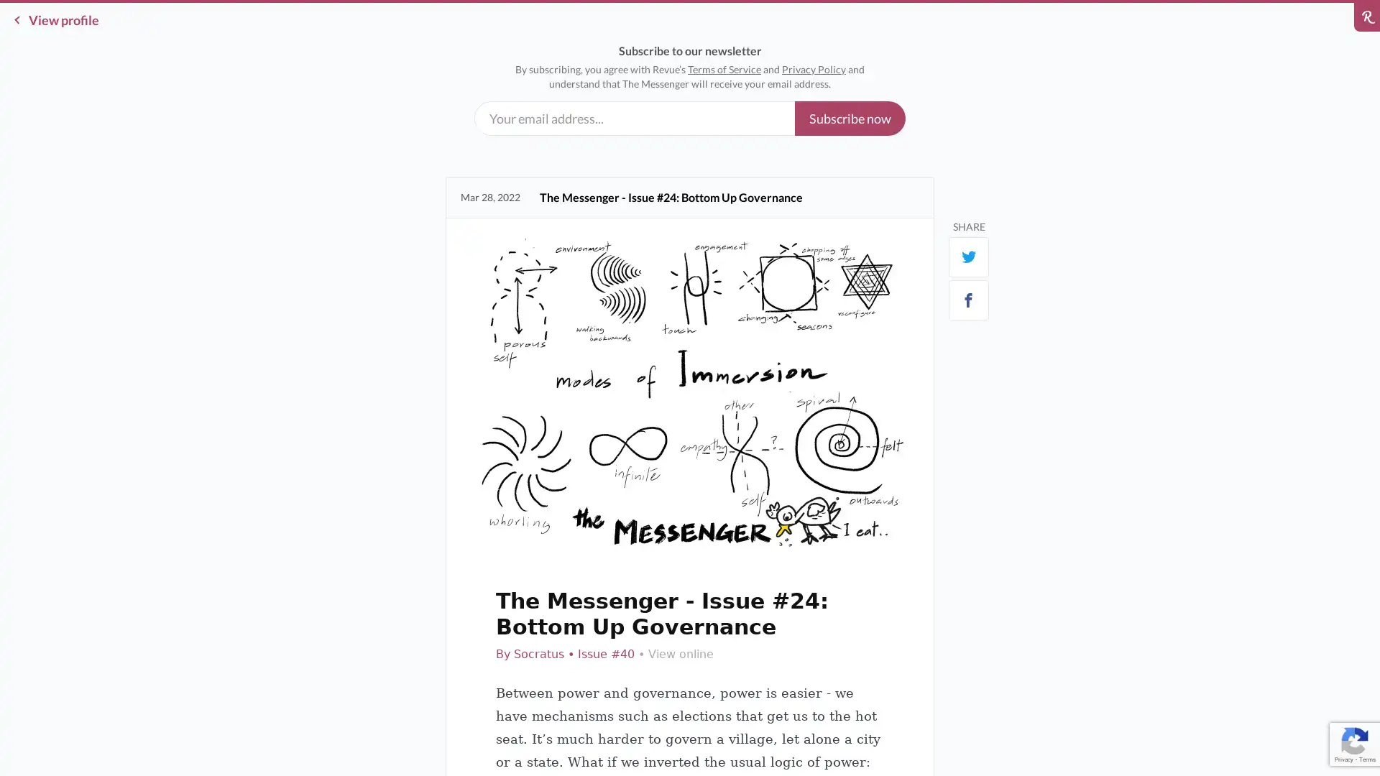 The image size is (1380, 776). Describe the element at coordinates (850, 118) in the screenshot. I see `Subscribe now` at that location.